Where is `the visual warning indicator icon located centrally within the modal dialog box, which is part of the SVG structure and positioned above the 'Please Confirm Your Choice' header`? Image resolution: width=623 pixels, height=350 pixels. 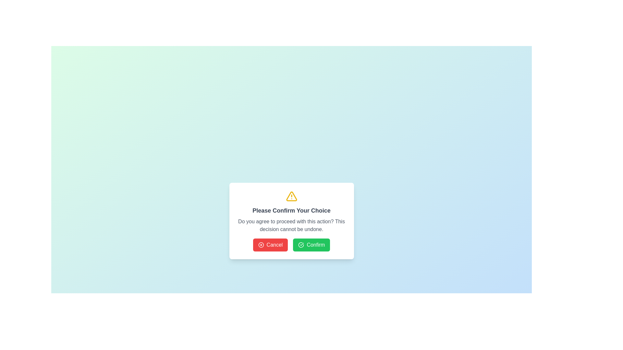
the visual warning indicator icon located centrally within the modal dialog box, which is part of the SVG structure and positioned above the 'Please Confirm Your Choice' header is located at coordinates (291, 196).